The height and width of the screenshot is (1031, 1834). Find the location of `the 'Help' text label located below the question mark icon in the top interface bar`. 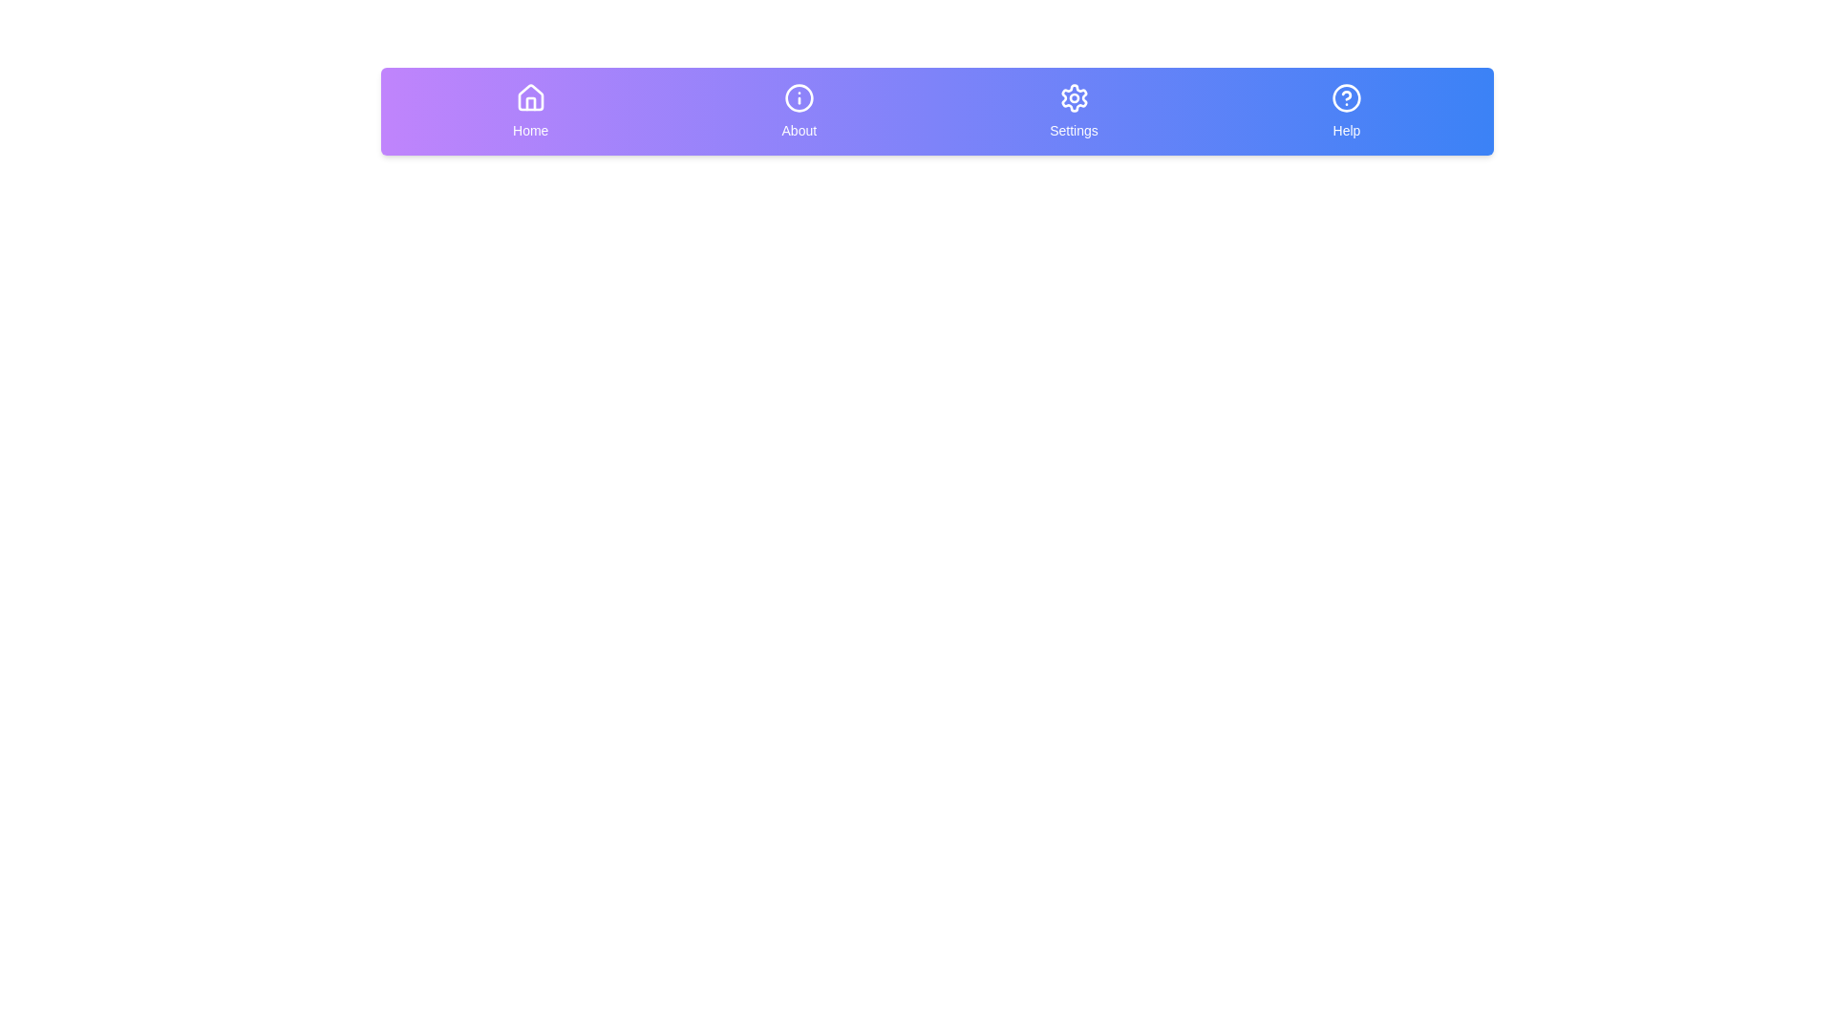

the 'Help' text label located below the question mark icon in the top interface bar is located at coordinates (1345, 130).